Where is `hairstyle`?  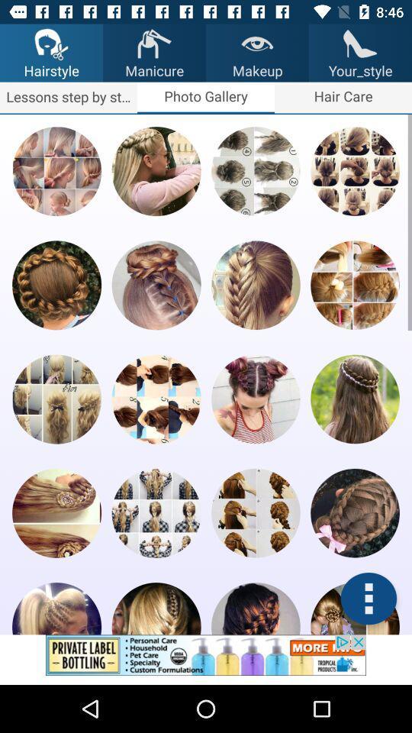
hairstyle is located at coordinates (355, 513).